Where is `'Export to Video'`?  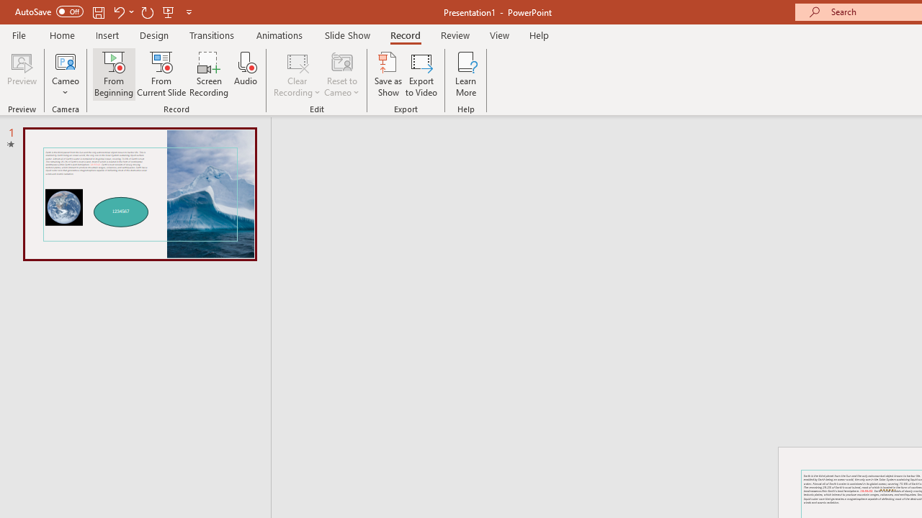
'Export to Video' is located at coordinates (421, 74).